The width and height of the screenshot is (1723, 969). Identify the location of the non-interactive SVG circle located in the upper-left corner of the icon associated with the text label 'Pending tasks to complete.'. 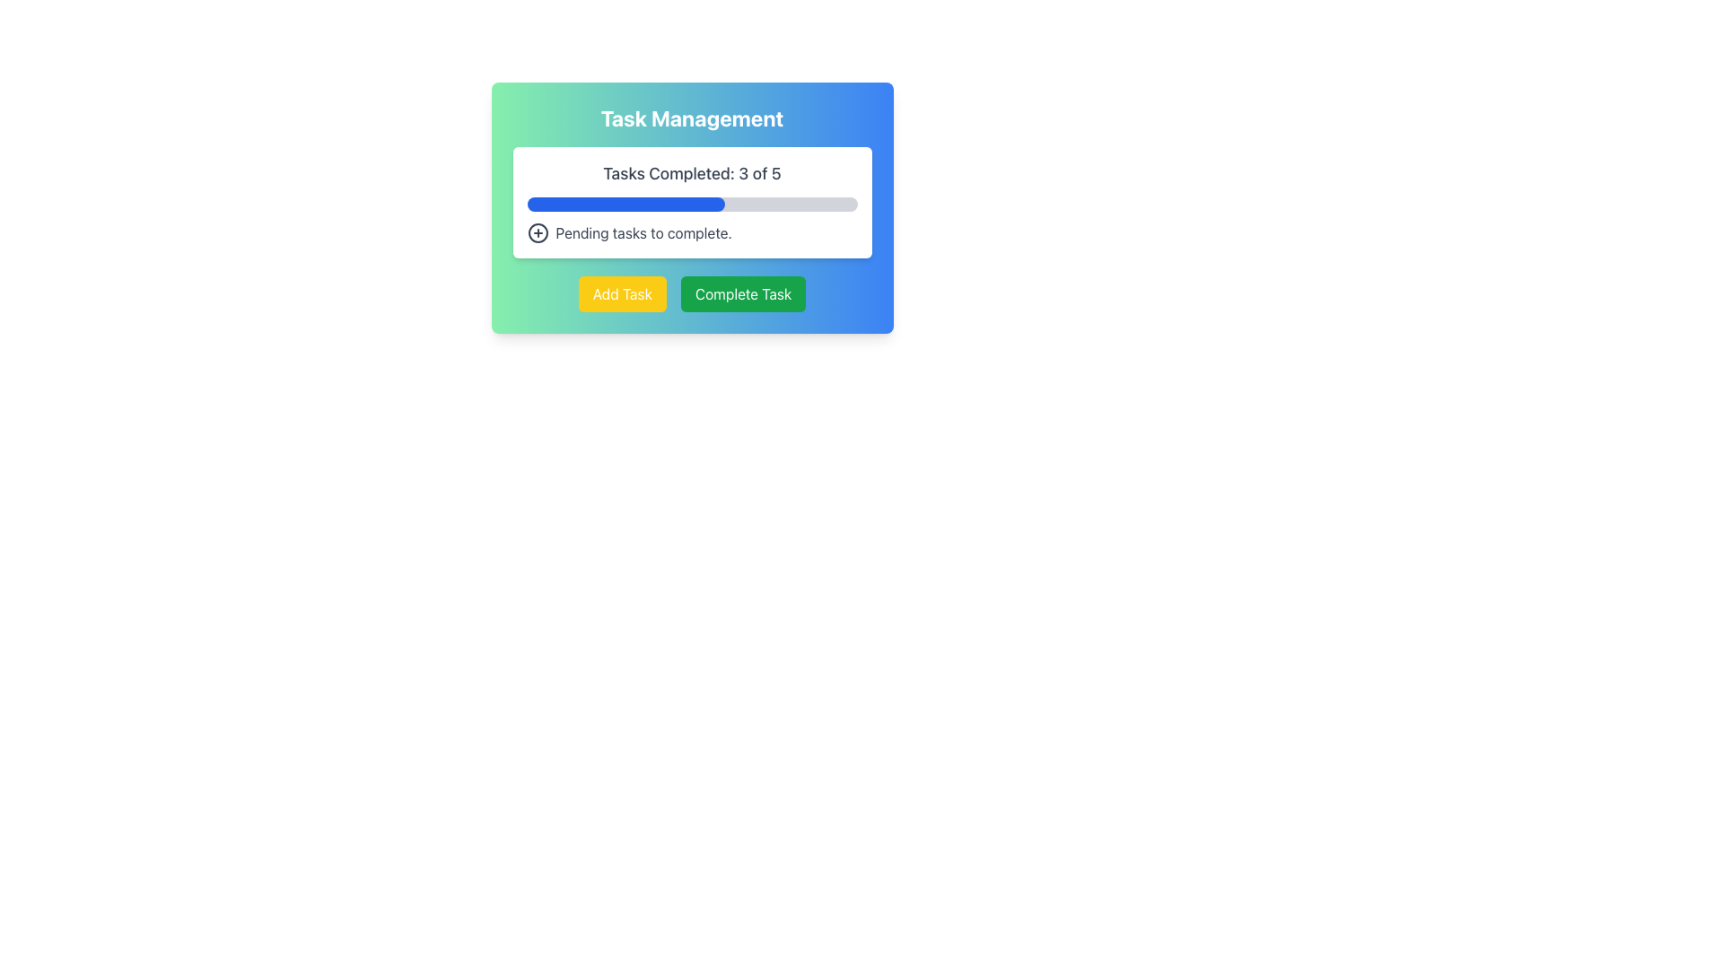
(537, 231).